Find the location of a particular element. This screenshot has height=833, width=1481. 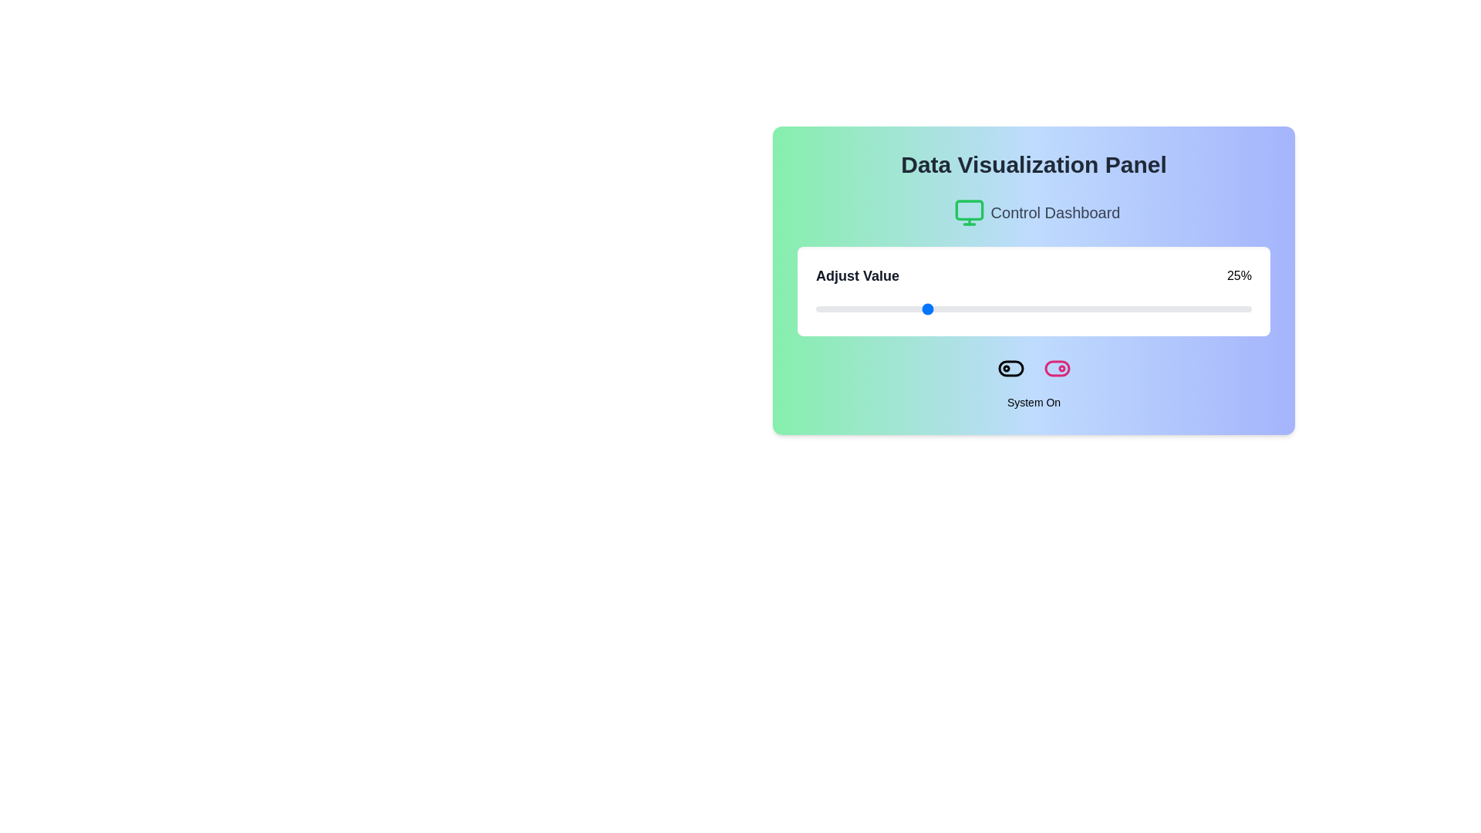

the slider to 0% is located at coordinates (815, 309).